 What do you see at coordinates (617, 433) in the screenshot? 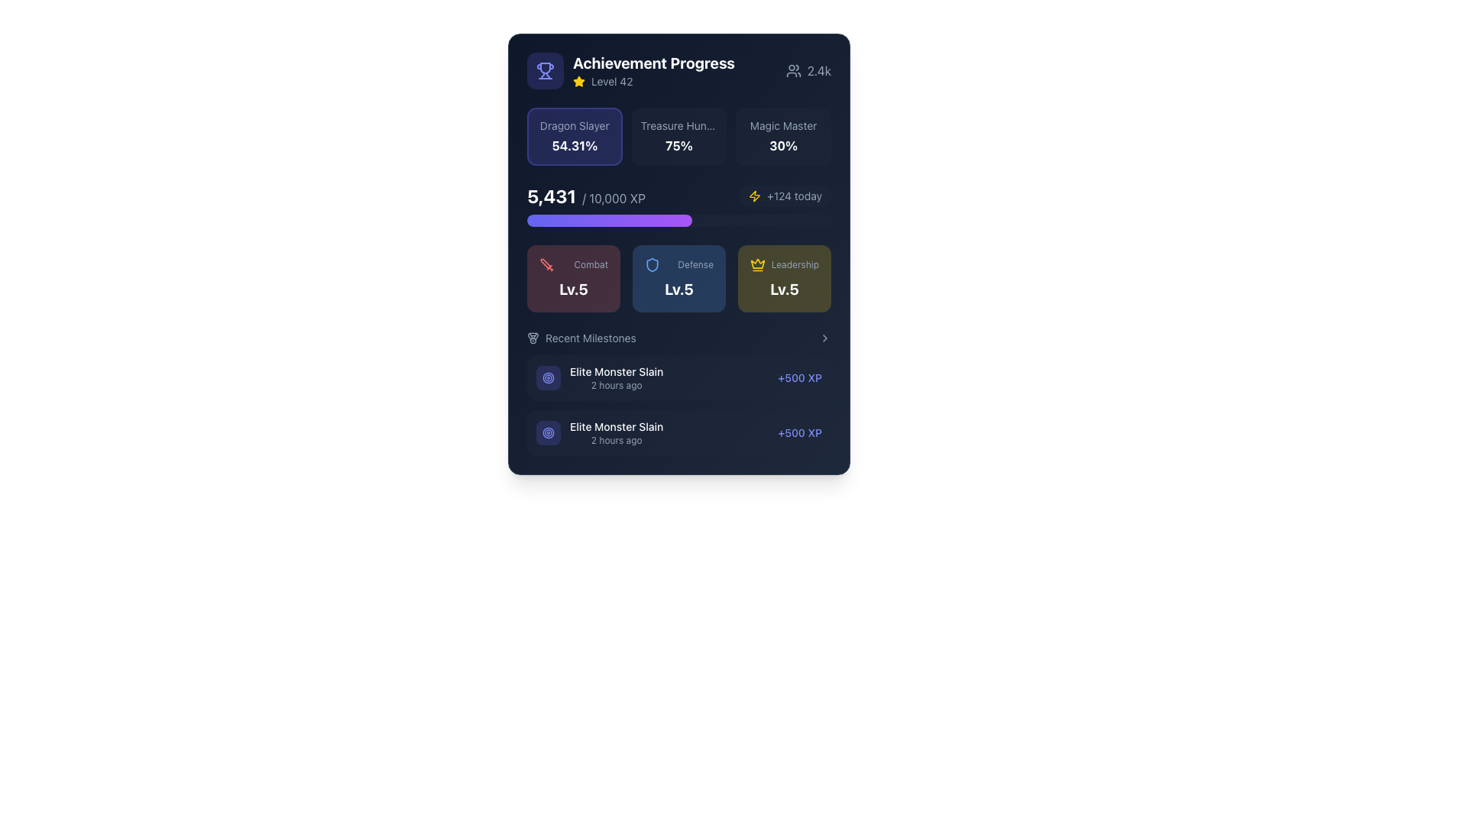
I see `the 'Elite Monster Slain' text label displayed in white within the 'Recent Milestones' section, which is the second listed milestone element` at bounding box center [617, 433].